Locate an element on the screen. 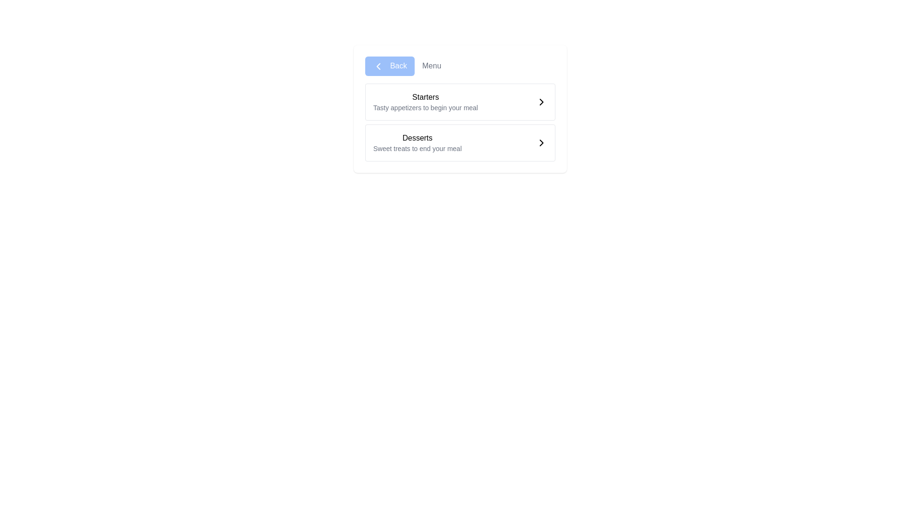 The width and height of the screenshot is (913, 513). the text label reading 'Desserts', which is styled with a medium-weight font and located above the descriptive text 'Sweet treats to end your meal' is located at coordinates (418, 137).